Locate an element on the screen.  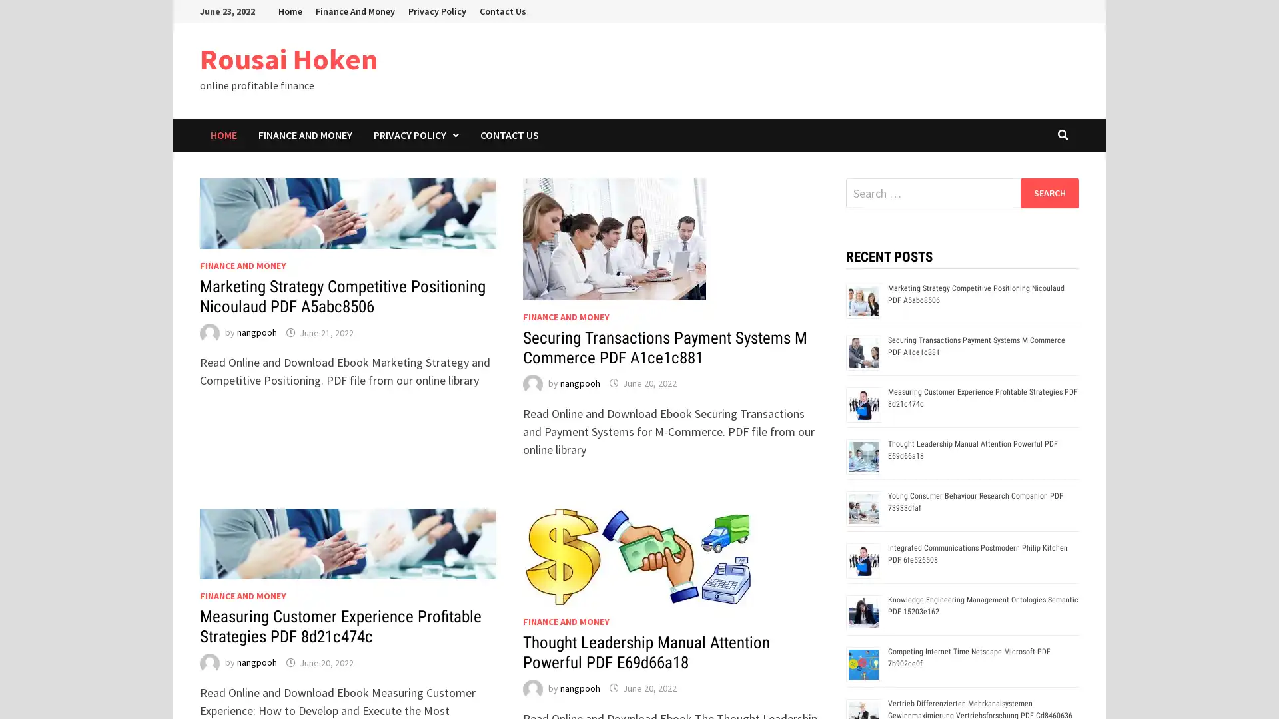
Search is located at coordinates (1049, 192).